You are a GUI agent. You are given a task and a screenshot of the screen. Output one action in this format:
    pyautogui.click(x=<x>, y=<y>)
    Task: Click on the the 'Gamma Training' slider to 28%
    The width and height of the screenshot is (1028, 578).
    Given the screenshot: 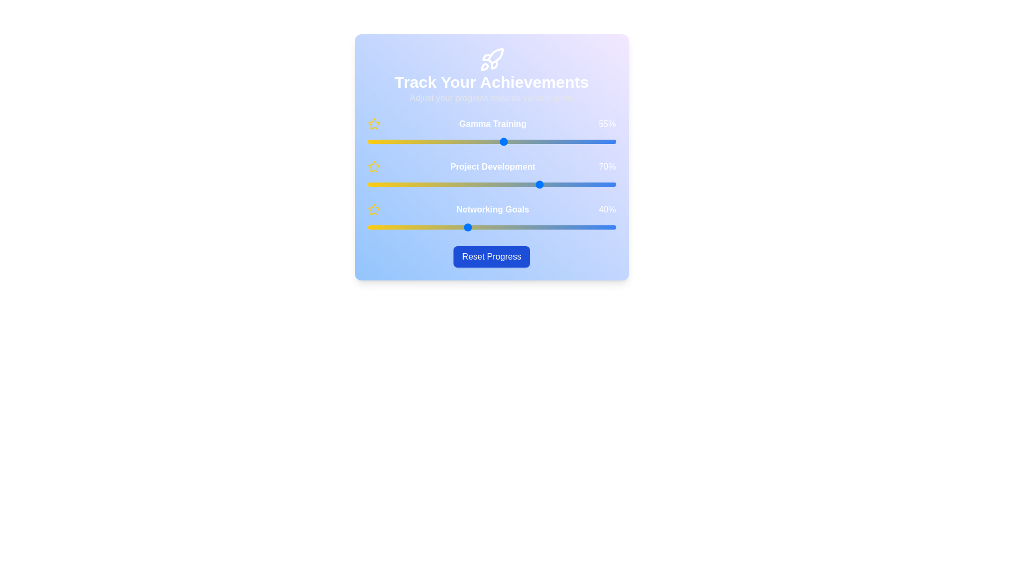 What is the action you would take?
    pyautogui.click(x=437, y=141)
    